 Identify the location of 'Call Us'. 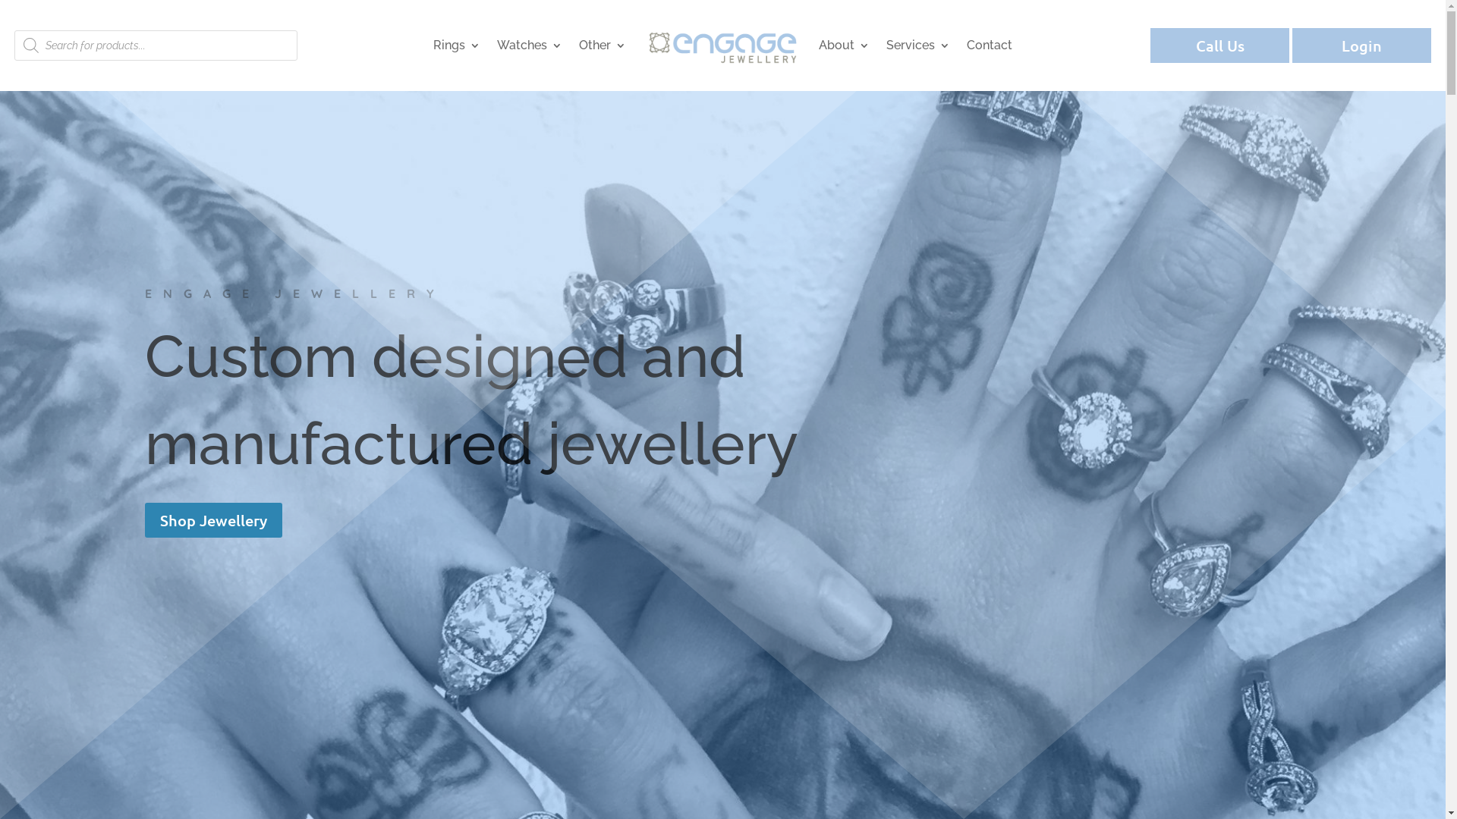
(1150, 45).